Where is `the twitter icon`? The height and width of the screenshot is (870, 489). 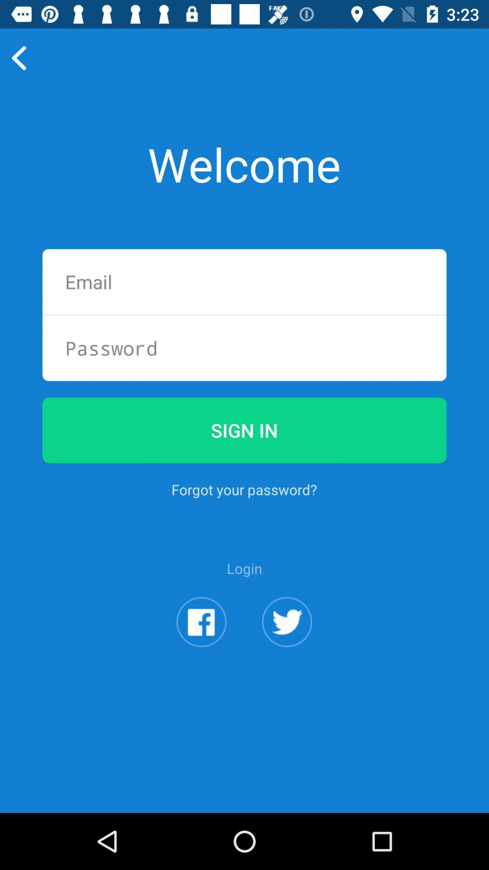 the twitter icon is located at coordinates (287, 666).